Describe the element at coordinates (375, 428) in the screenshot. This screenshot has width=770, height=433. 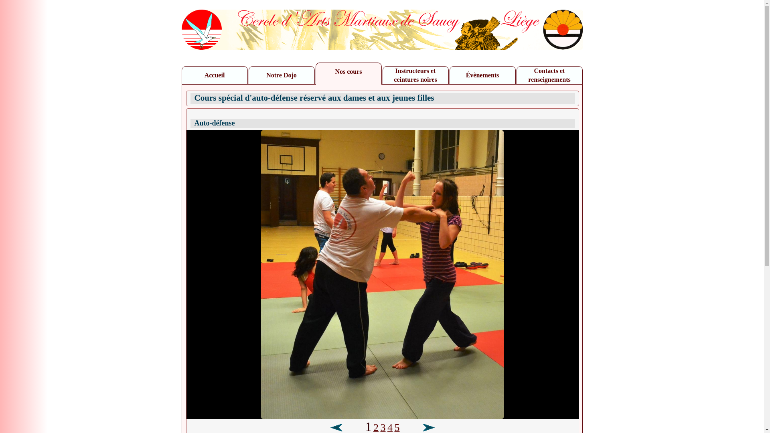
I see `'2'` at that location.